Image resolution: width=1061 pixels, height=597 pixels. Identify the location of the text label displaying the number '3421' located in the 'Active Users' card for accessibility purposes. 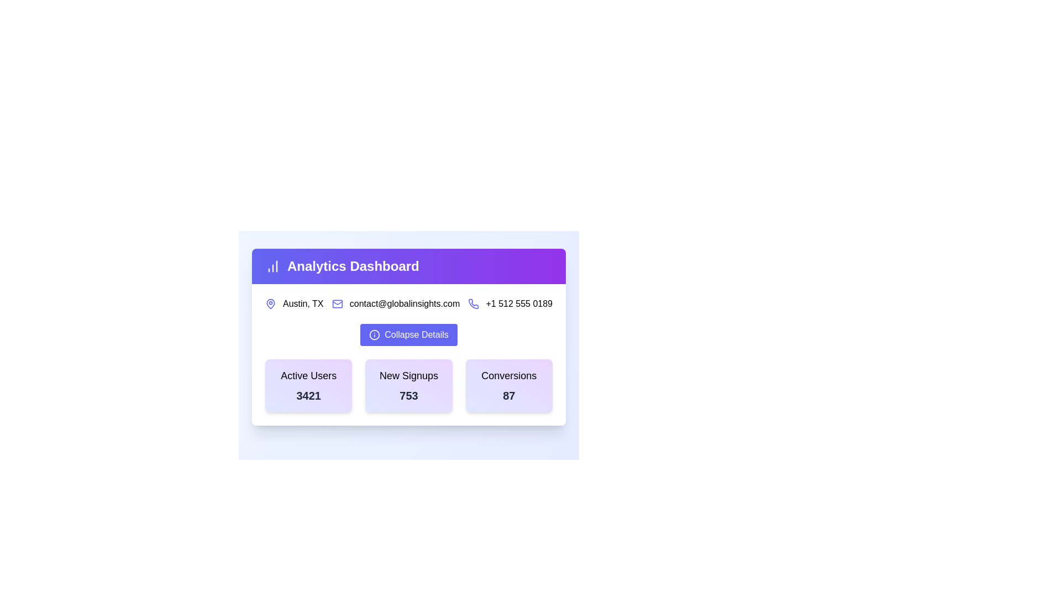
(308, 395).